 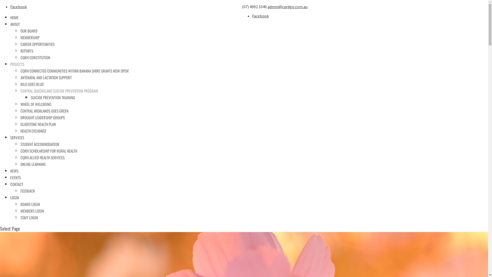 What do you see at coordinates (27, 191) in the screenshot?
I see `'FEEDBACK'` at bounding box center [27, 191].